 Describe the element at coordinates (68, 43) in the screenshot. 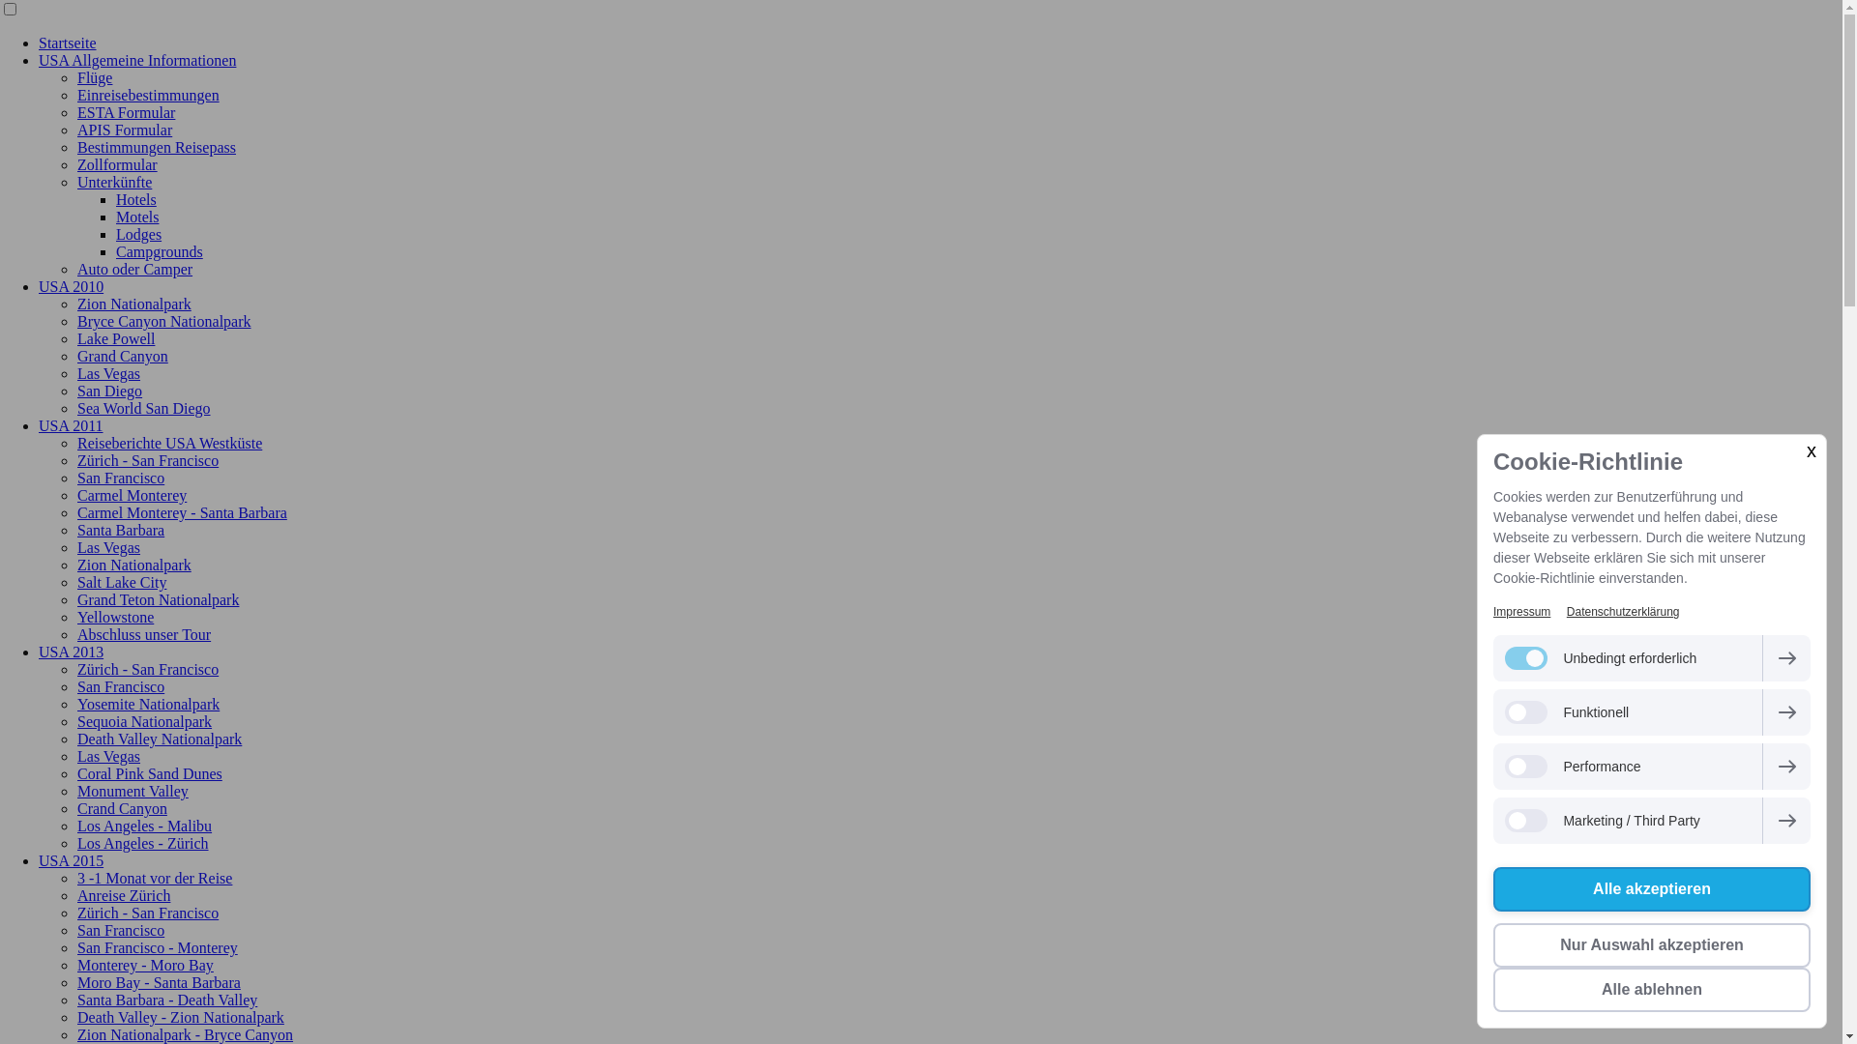

I see `'Startseite'` at that location.